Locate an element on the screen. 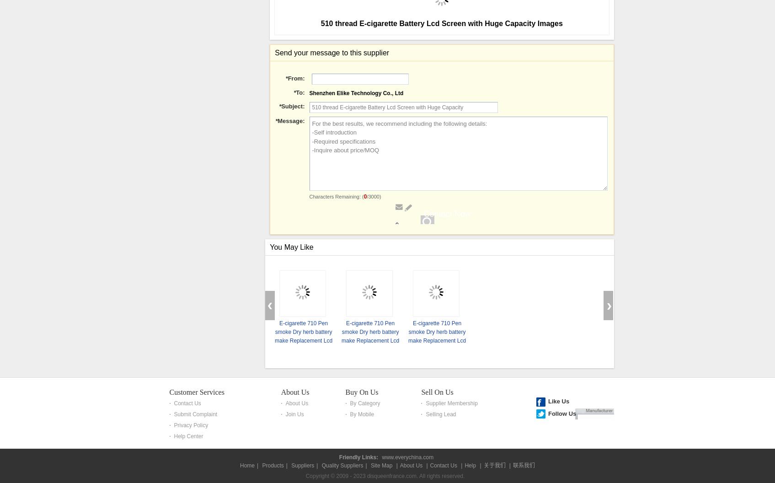 This screenshot has width=775, height=483. '510 thread E-cigarette Battery Lcd Screen with Huge Capacity Images' is located at coordinates (441, 282).